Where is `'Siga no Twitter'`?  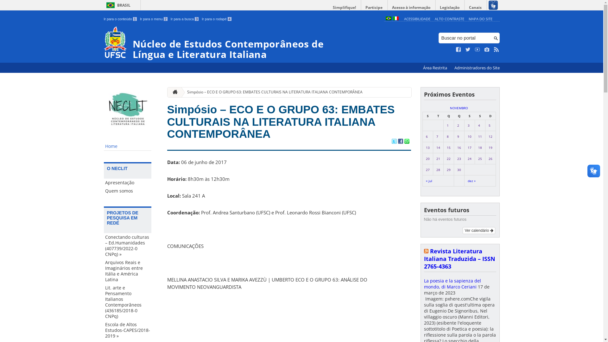 'Siga no Twitter' is located at coordinates (468, 49).